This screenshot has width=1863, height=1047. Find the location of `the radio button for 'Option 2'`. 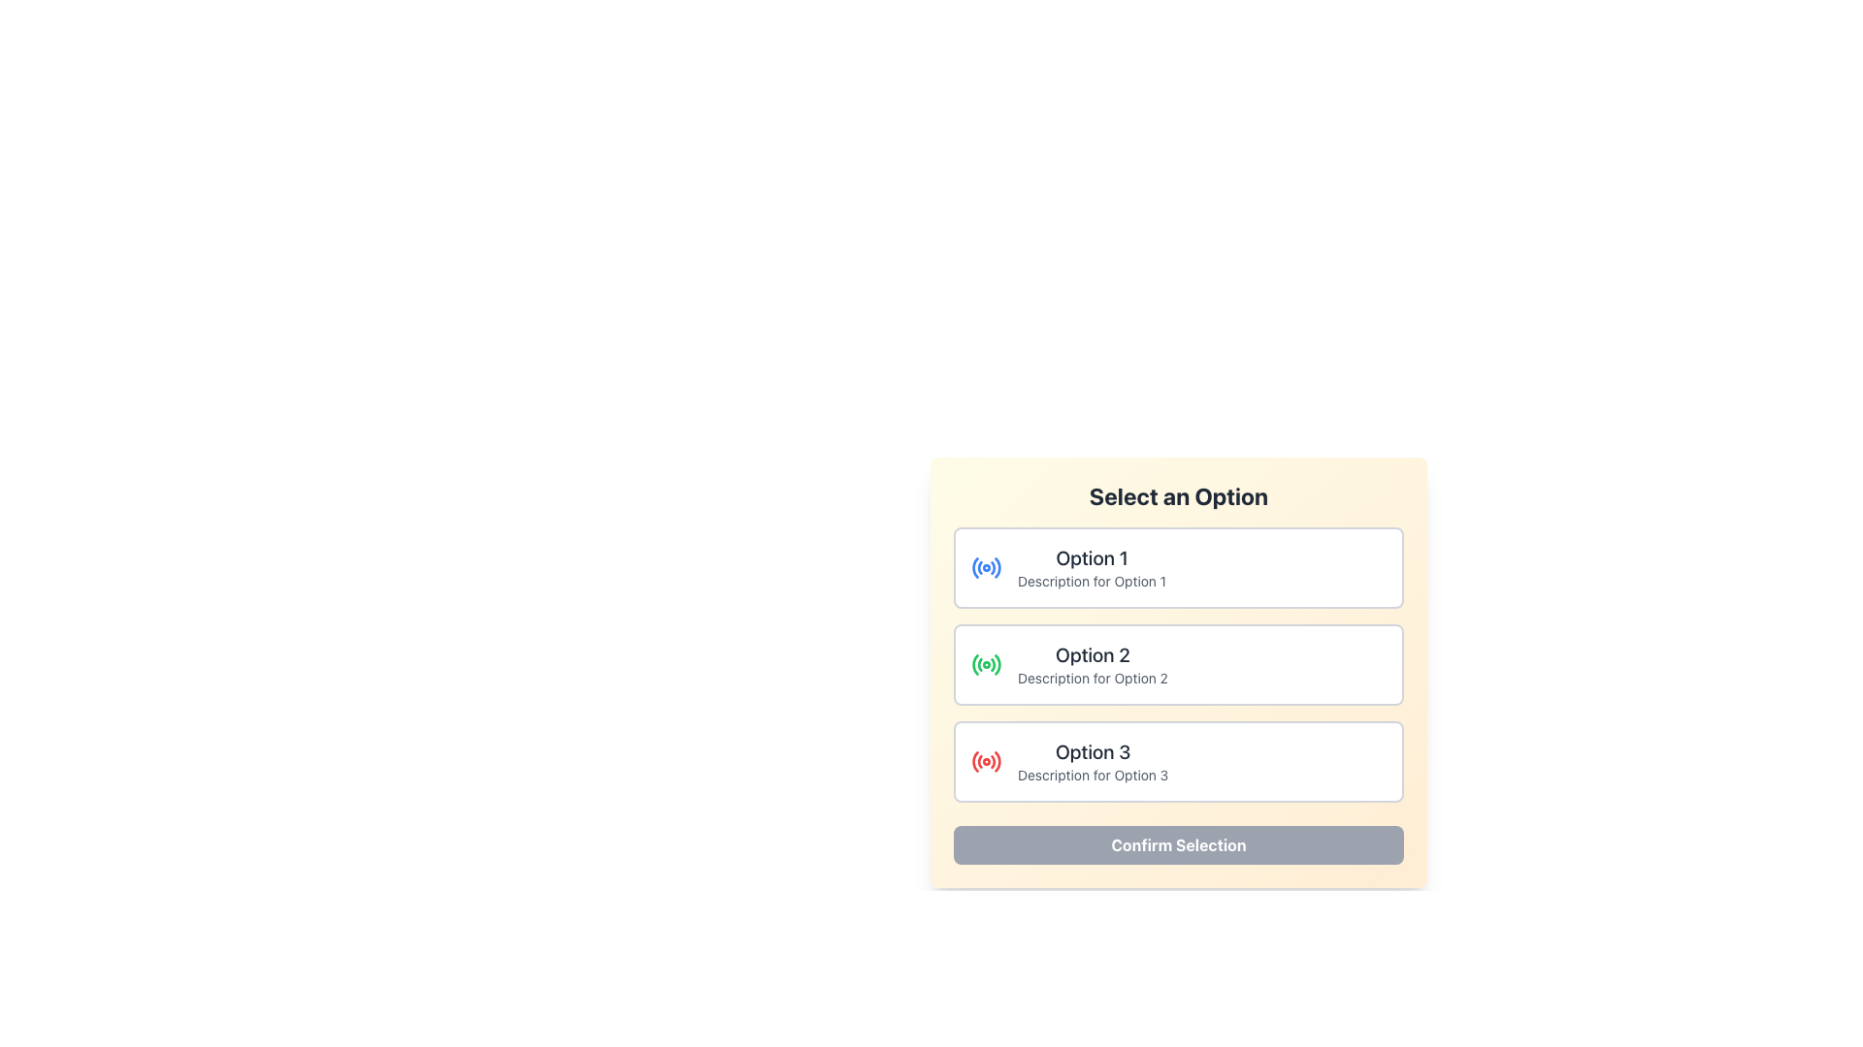

the radio button for 'Option 2' is located at coordinates (987, 664).